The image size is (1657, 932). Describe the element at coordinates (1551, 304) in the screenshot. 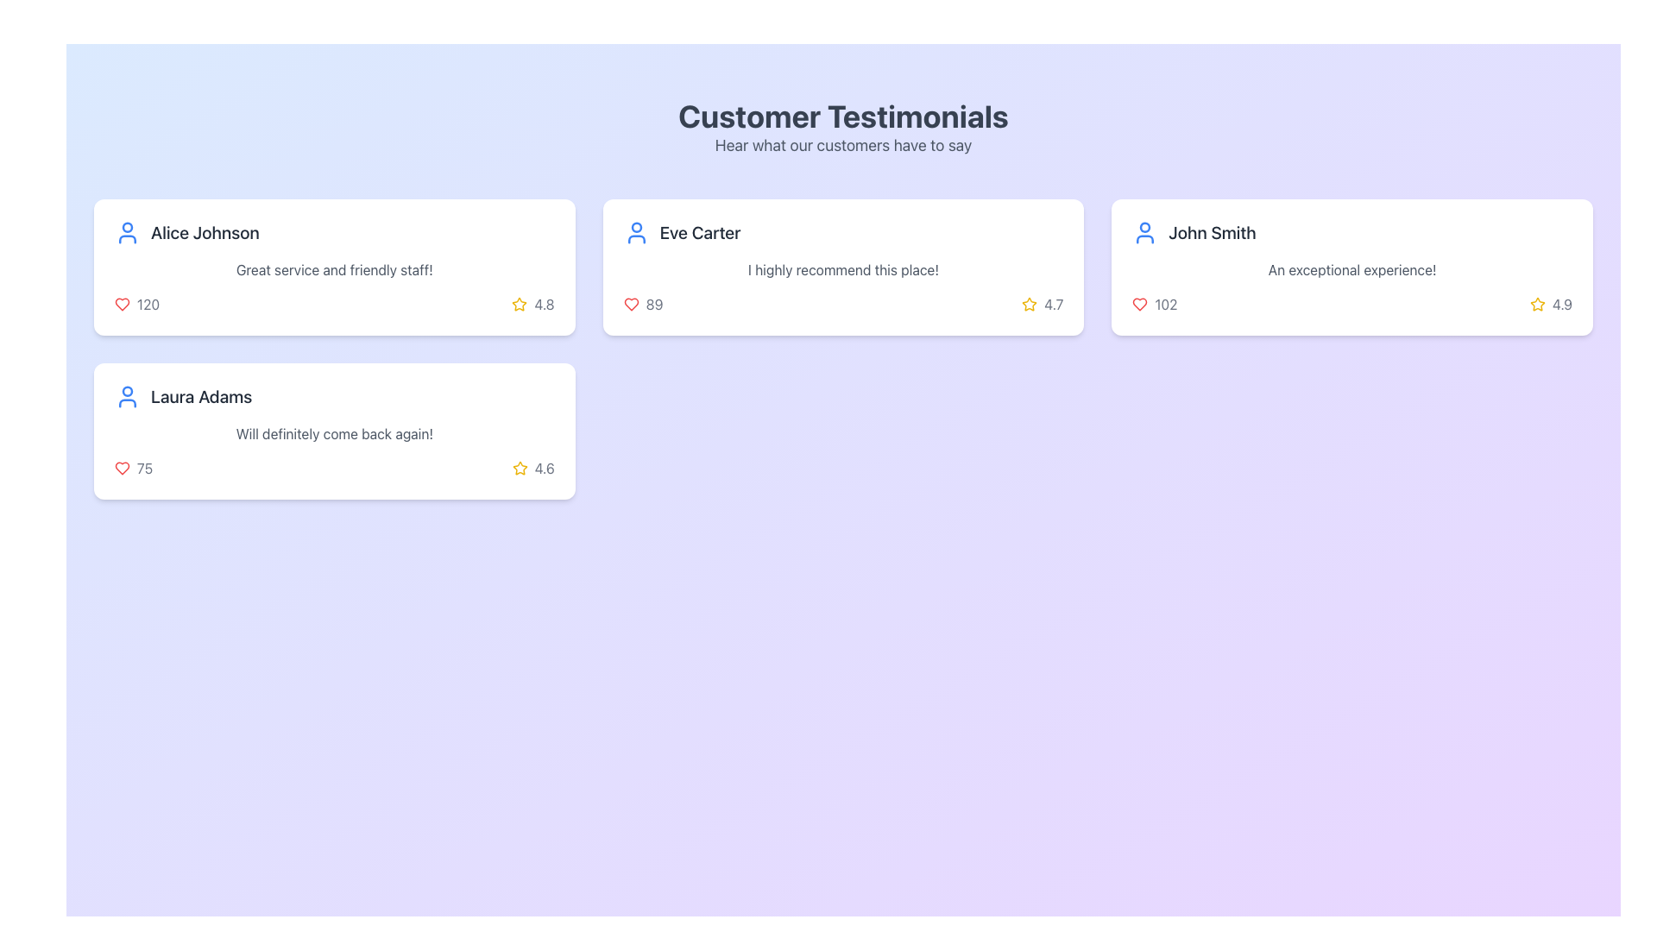

I see `Rating Display element located at the bottom-right corner of the review card by 'John Smith', which is aligned with a heart icon and its numeric value, for its styling properties` at that location.